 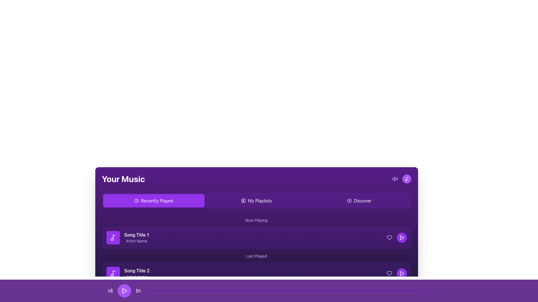 What do you see at coordinates (395, 179) in the screenshot?
I see `the volume control icon located in the top right corner of the music interface header` at bounding box center [395, 179].